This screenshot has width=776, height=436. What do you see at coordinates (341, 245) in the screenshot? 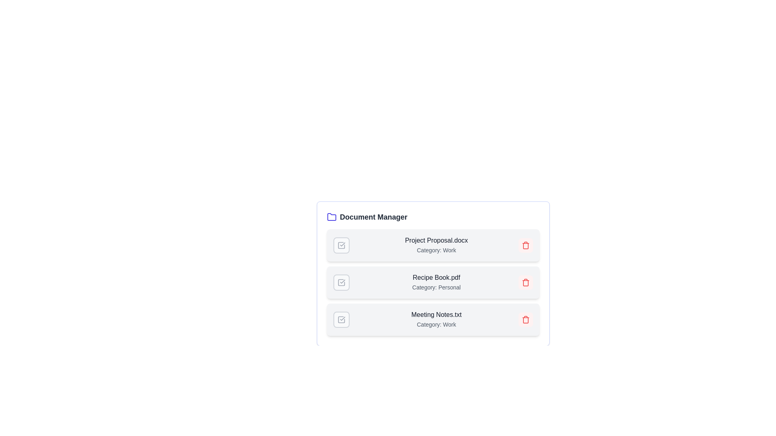
I see `the visual indicator icon representing the selection checkbox for the document item 'Project Proposal.docx' located on the left side of the first row in the document manager section` at bounding box center [341, 245].